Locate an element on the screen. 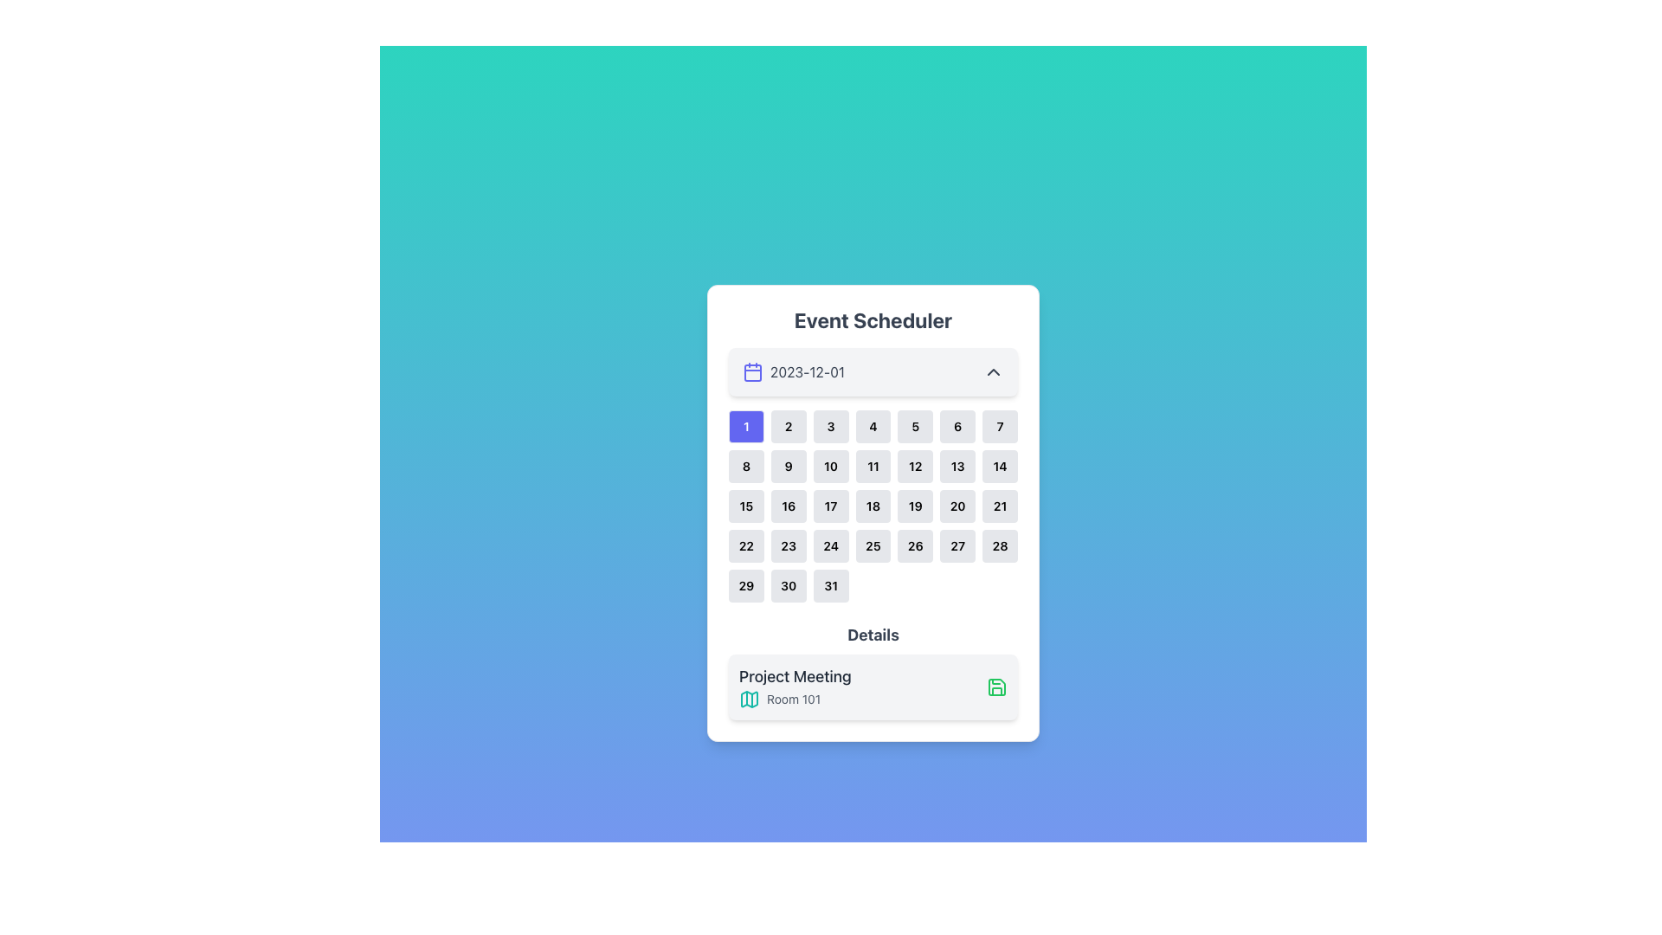 Image resolution: width=1662 pixels, height=935 pixels. the button representing the first day in the calendar view is located at coordinates (746, 427).